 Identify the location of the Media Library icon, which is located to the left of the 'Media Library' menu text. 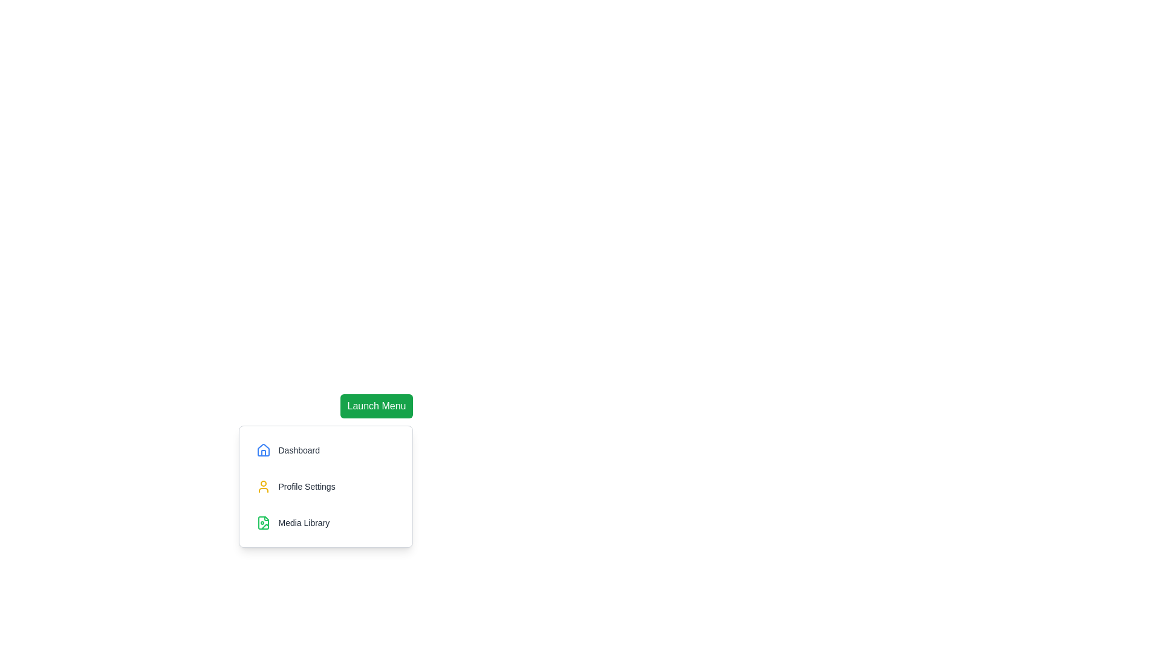
(263, 522).